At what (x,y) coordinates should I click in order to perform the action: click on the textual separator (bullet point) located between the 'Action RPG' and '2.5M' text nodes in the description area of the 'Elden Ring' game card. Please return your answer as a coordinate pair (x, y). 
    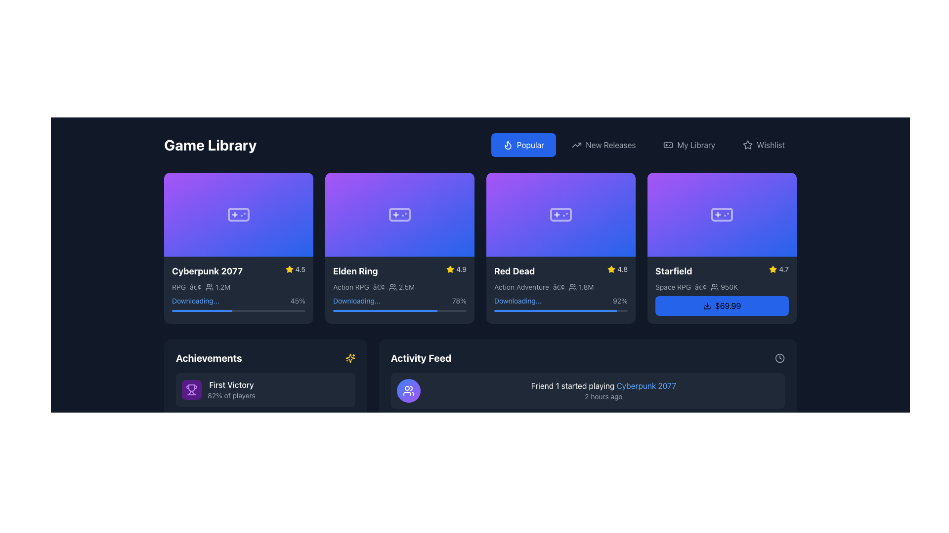
    Looking at the image, I should click on (378, 287).